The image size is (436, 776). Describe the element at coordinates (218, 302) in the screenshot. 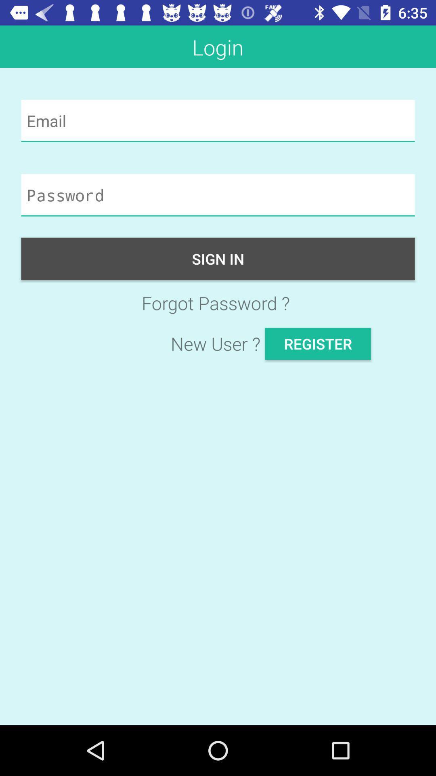

I see `the forgot password ?` at that location.